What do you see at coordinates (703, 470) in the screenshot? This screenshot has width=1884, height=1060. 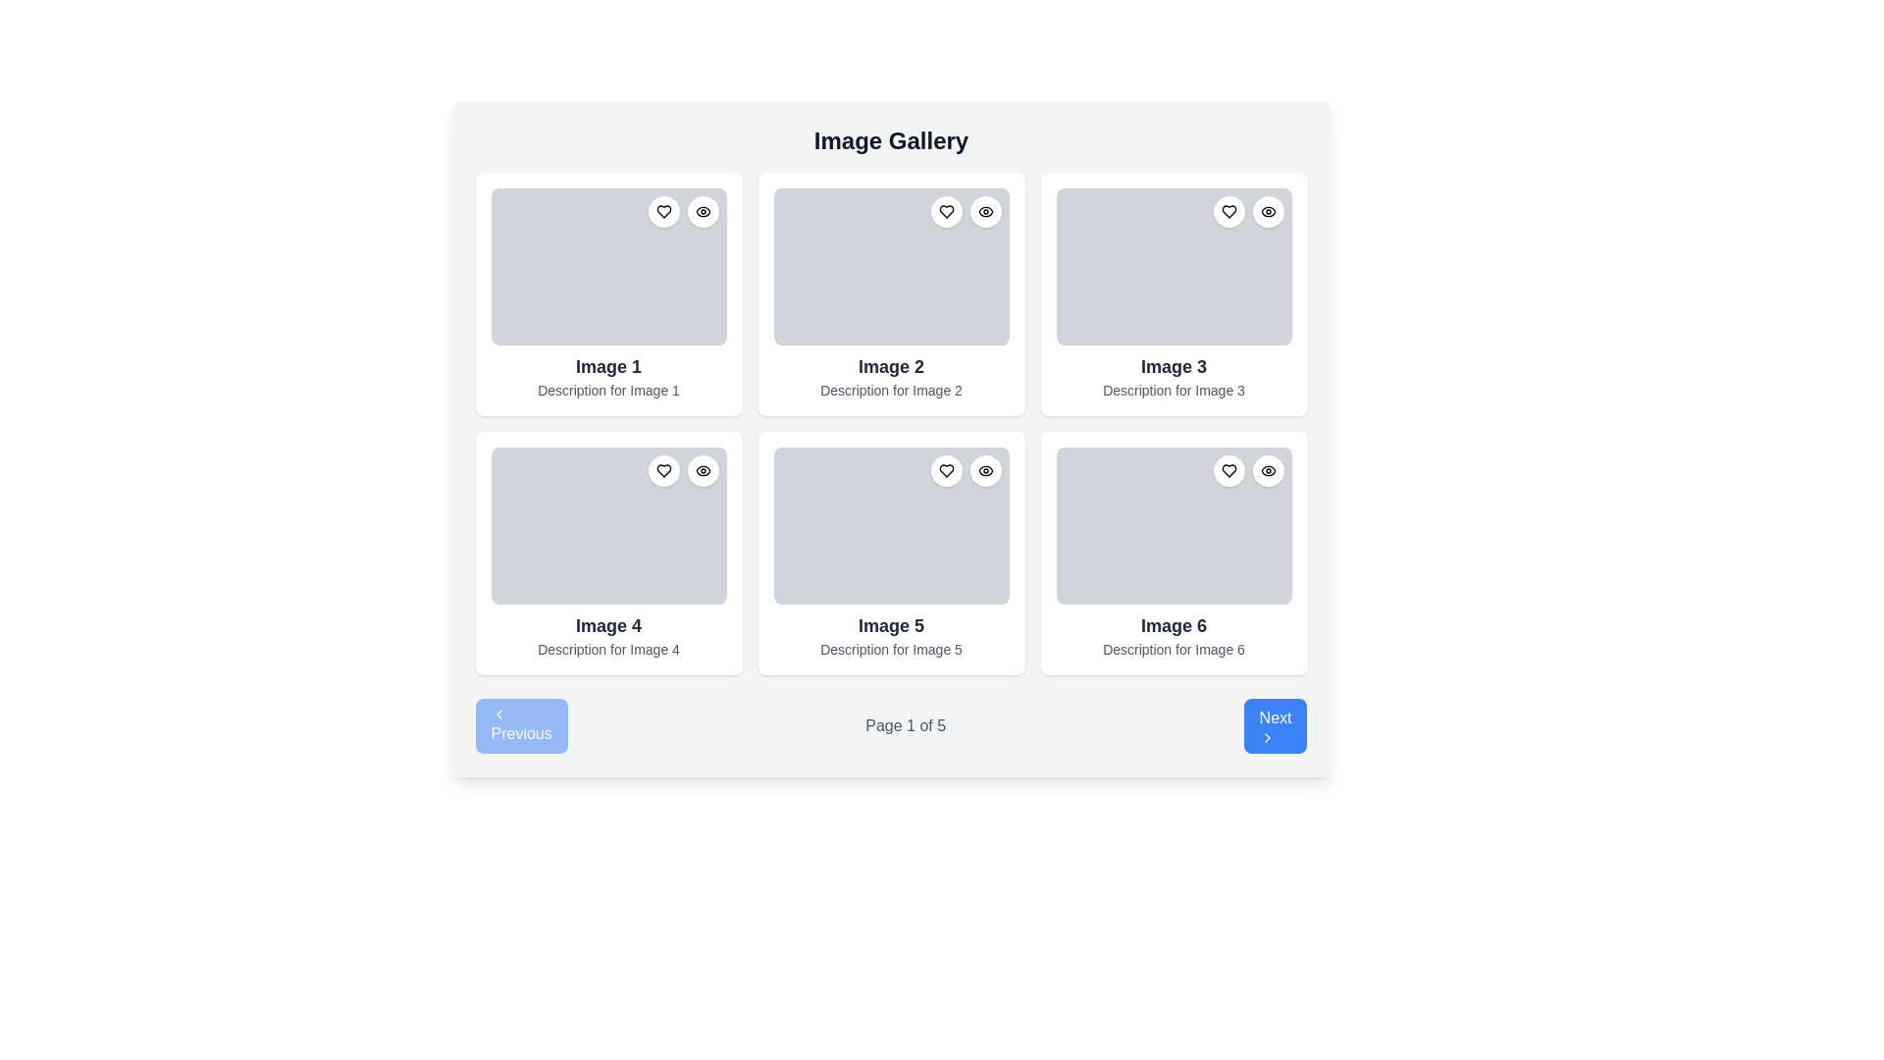 I see `the circular eye icon button located as the rightmost icon in the interactive header of the fourth image card` at bounding box center [703, 470].